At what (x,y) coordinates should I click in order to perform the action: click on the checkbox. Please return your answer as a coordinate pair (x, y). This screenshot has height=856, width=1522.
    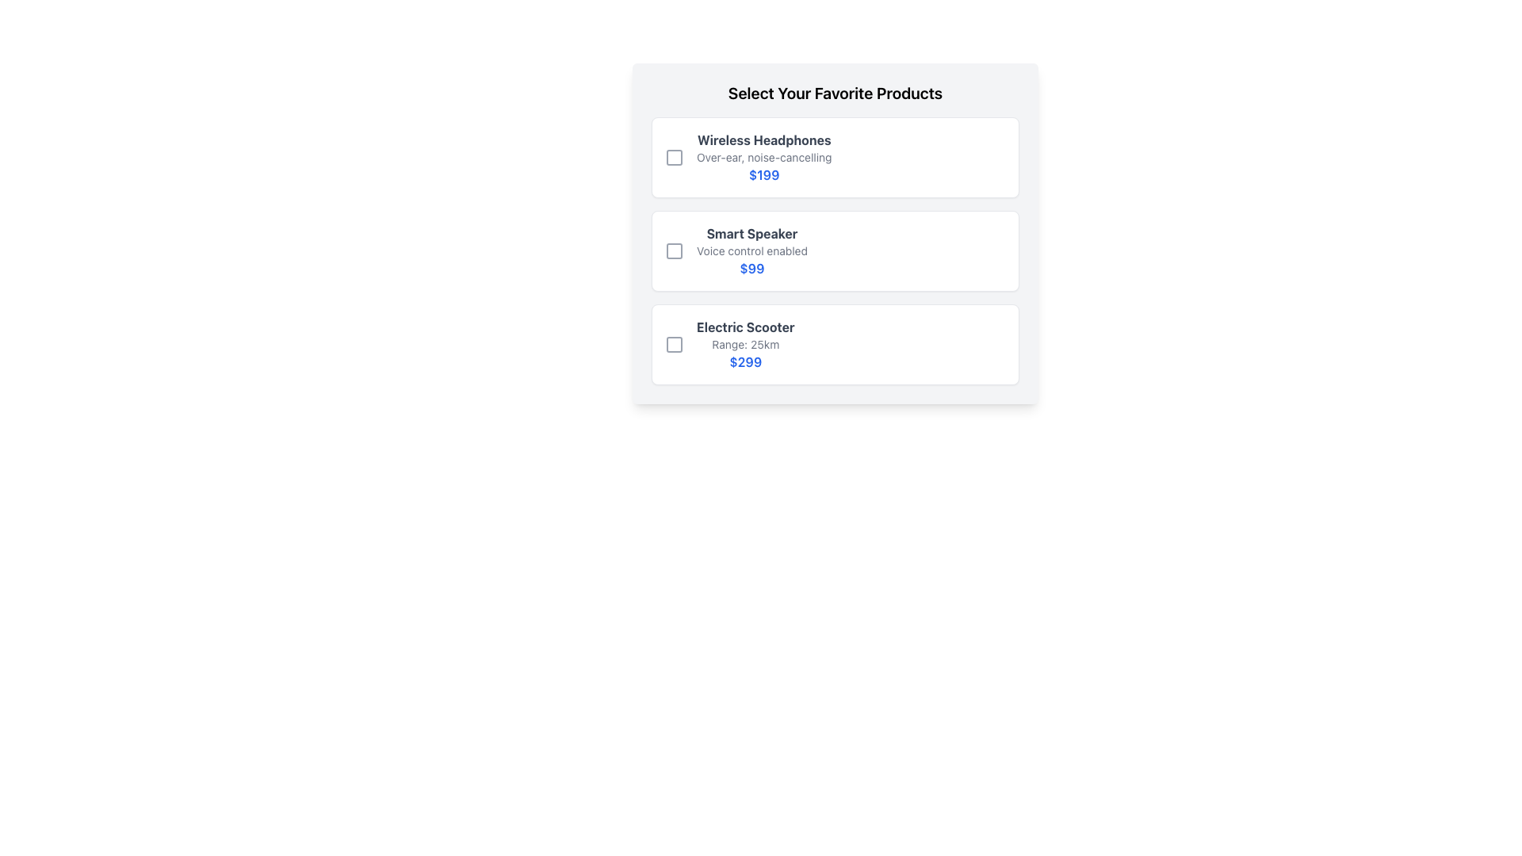
    Looking at the image, I should click on (674, 250).